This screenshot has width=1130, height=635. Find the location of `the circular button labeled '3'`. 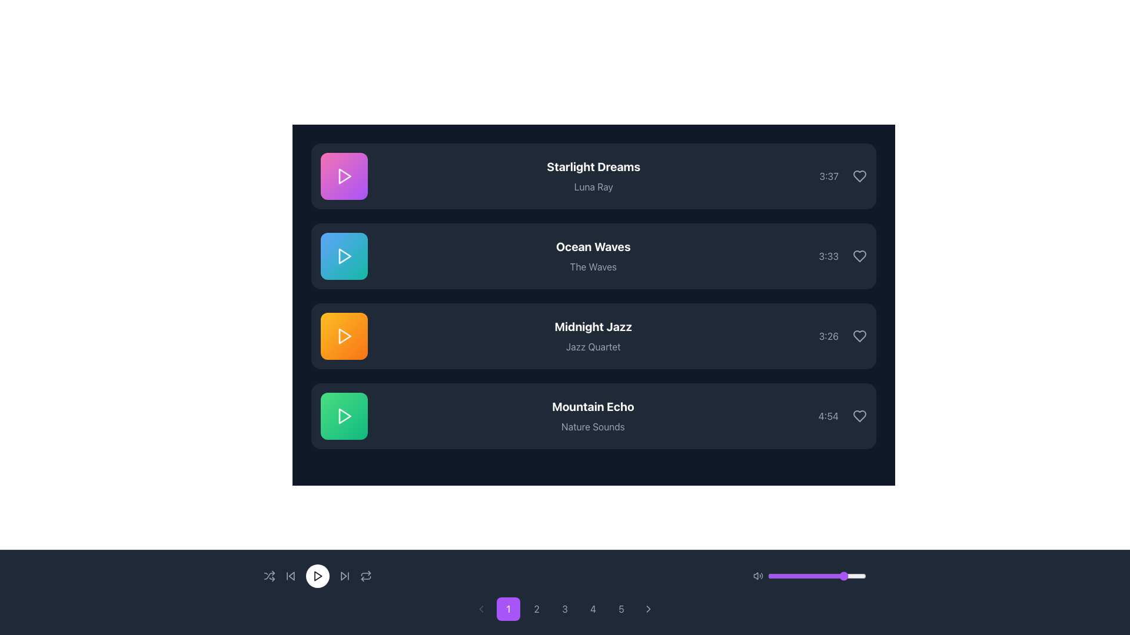

the circular button labeled '3' is located at coordinates (565, 609).